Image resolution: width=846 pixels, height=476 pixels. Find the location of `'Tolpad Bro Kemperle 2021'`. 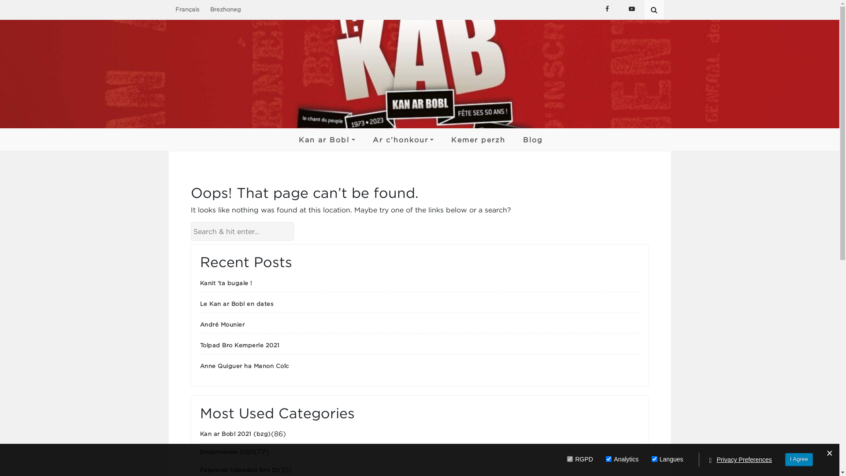

'Tolpad Bro Kemperle 2021' is located at coordinates (240, 345).